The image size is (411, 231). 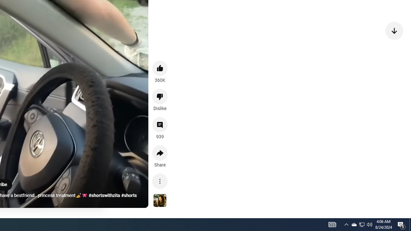 What do you see at coordinates (104, 195) in the screenshot?
I see `'#shortswithzita'` at bounding box center [104, 195].